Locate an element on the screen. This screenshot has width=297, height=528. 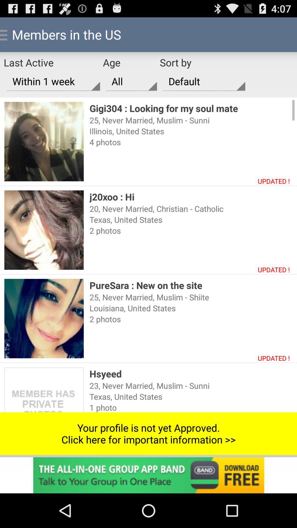
advatisment is located at coordinates (148, 475).